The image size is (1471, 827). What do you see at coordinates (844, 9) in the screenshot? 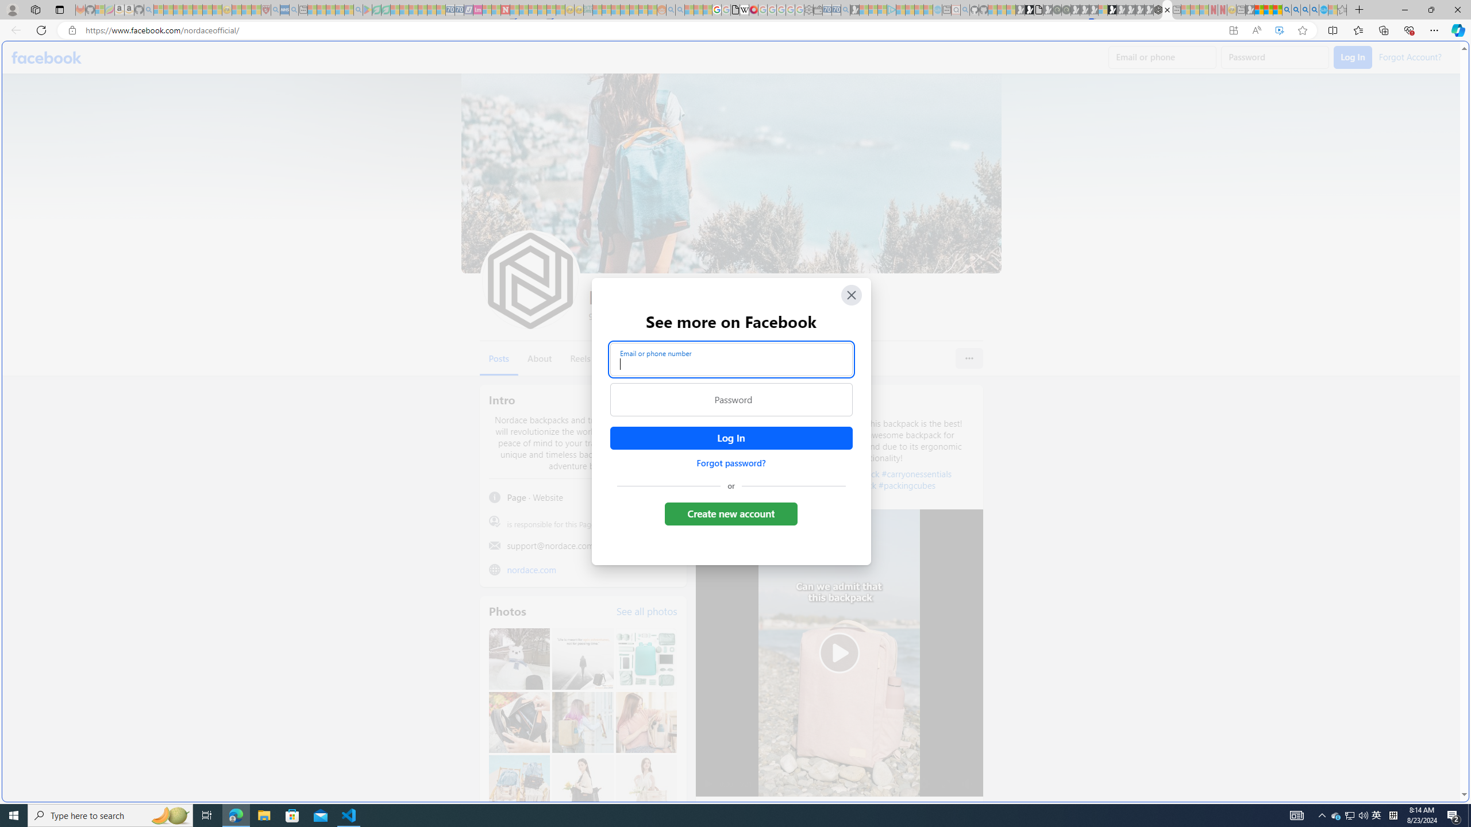
I see `'Bing Real Estate - Home sales and rental listings - Sleeping'` at bounding box center [844, 9].